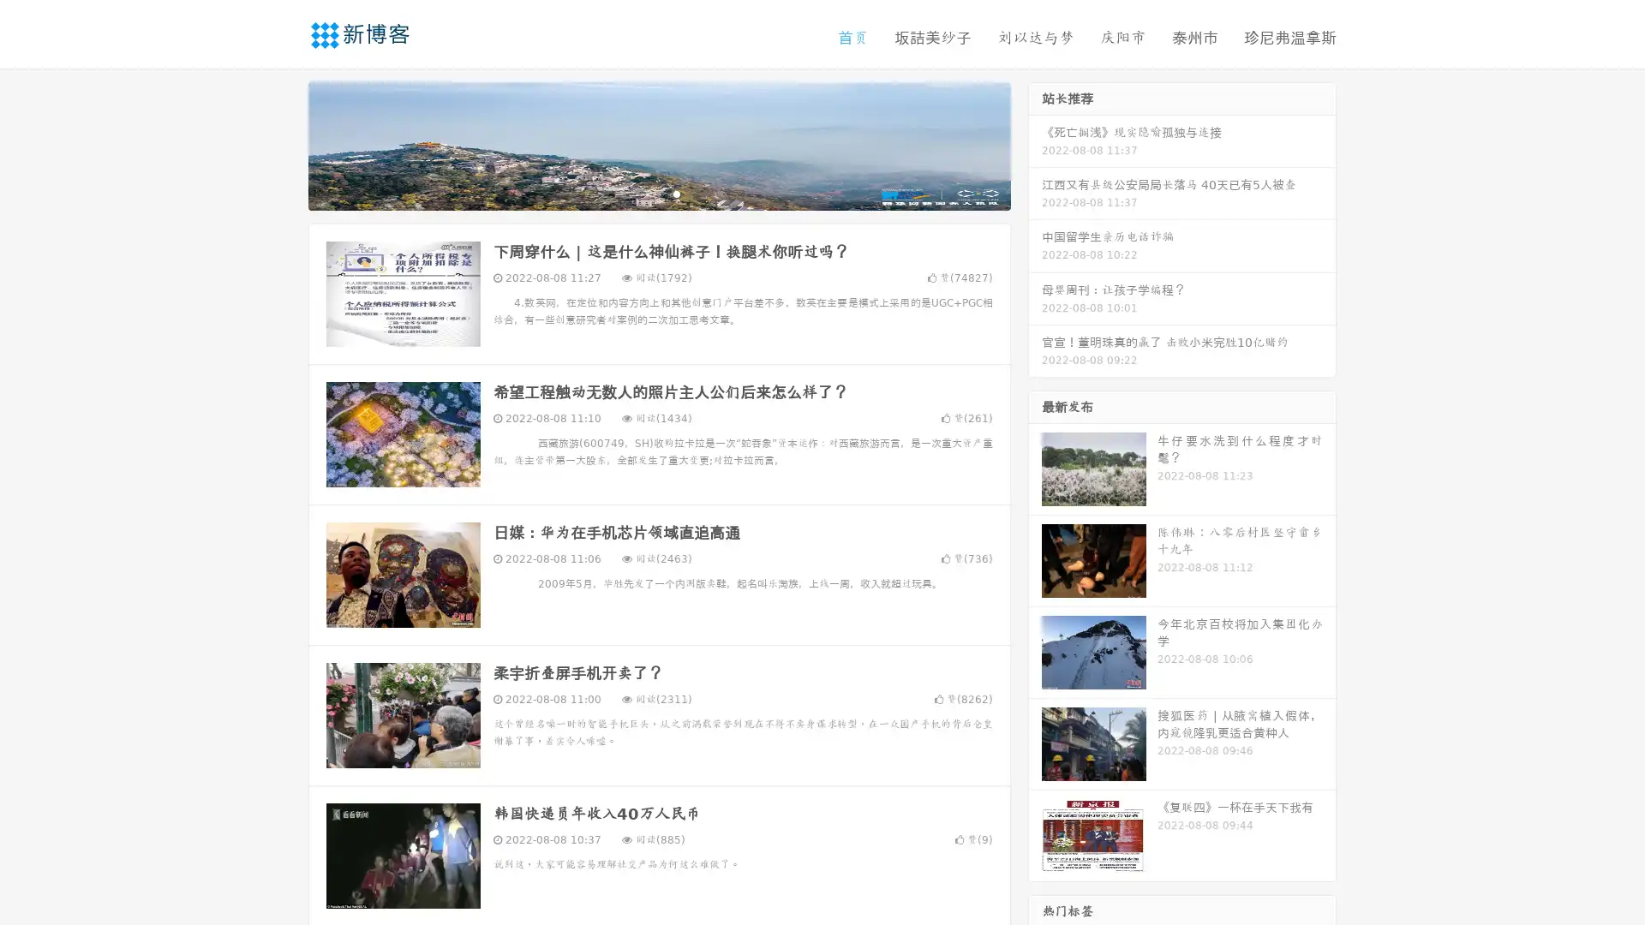 The height and width of the screenshot is (925, 1645). I want to click on Go to slide 2, so click(658, 193).